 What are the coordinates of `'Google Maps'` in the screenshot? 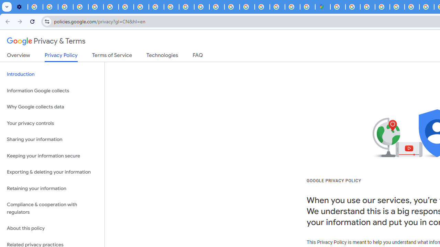 It's located at (322, 7).